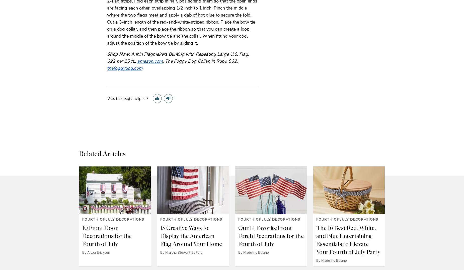 The width and height of the screenshot is (464, 270). I want to click on 'thefoggydog.com', so click(125, 67).